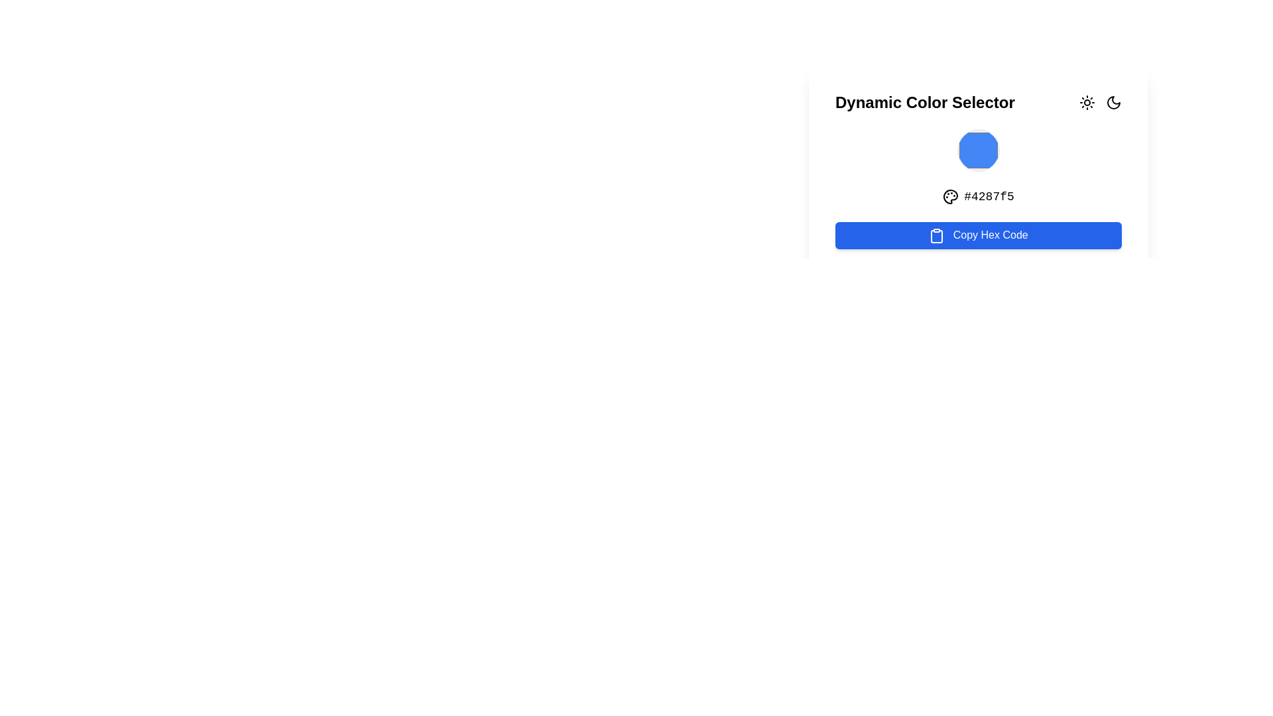  What do you see at coordinates (979, 152) in the screenshot?
I see `the light blue color circle element located centrally within the 'Dynamic Color Selector' card interface` at bounding box center [979, 152].